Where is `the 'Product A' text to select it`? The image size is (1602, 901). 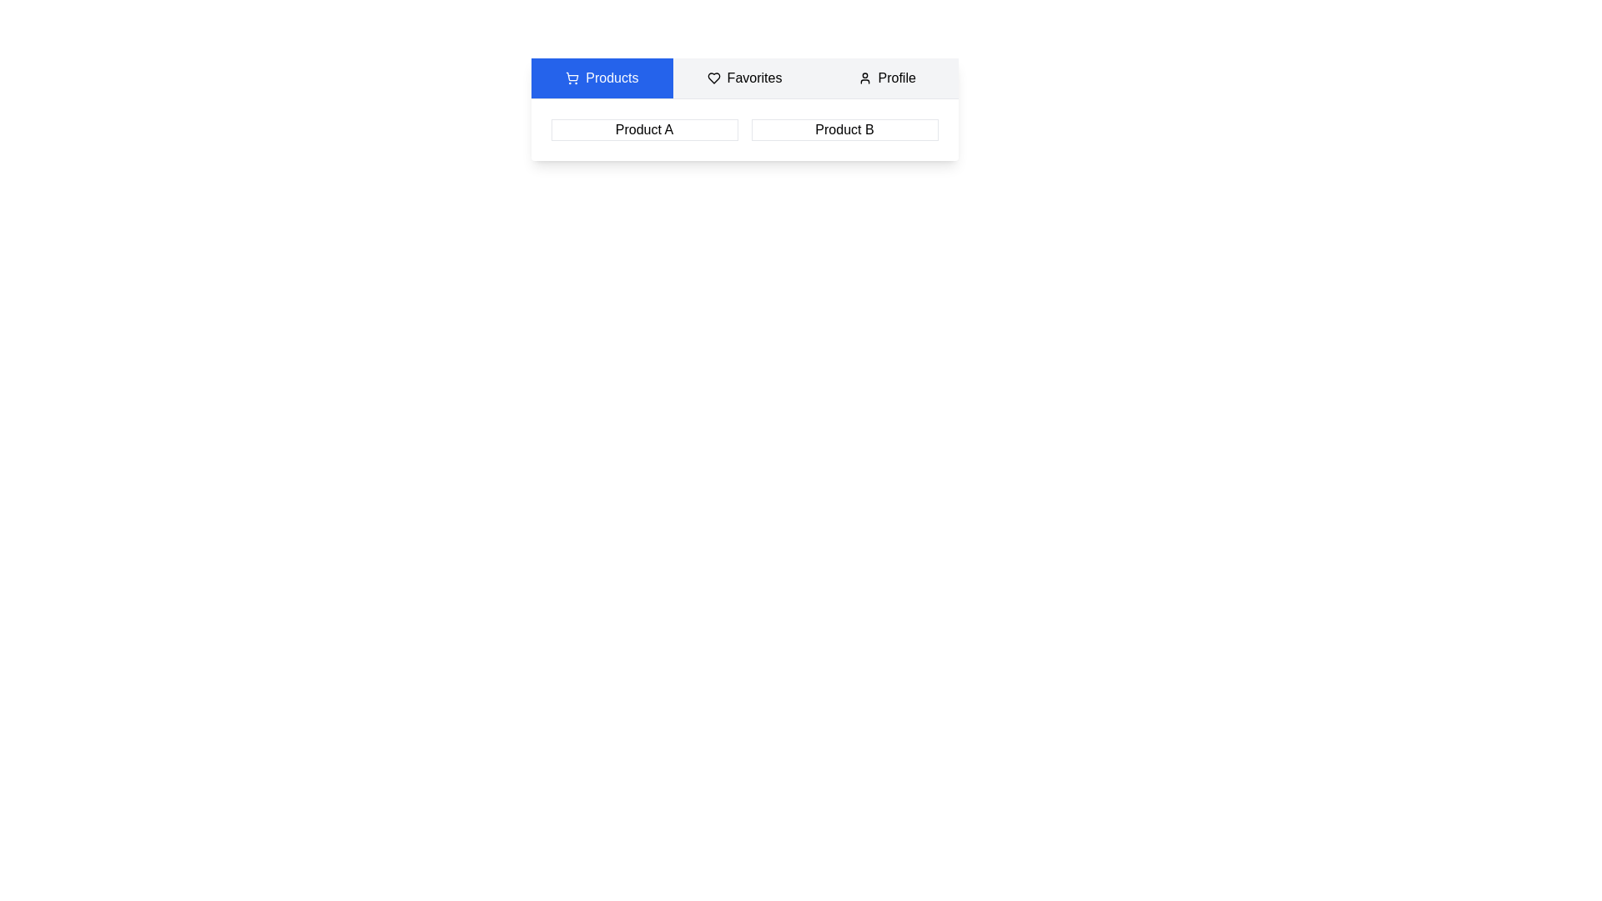
the 'Product A' text to select it is located at coordinates (643, 128).